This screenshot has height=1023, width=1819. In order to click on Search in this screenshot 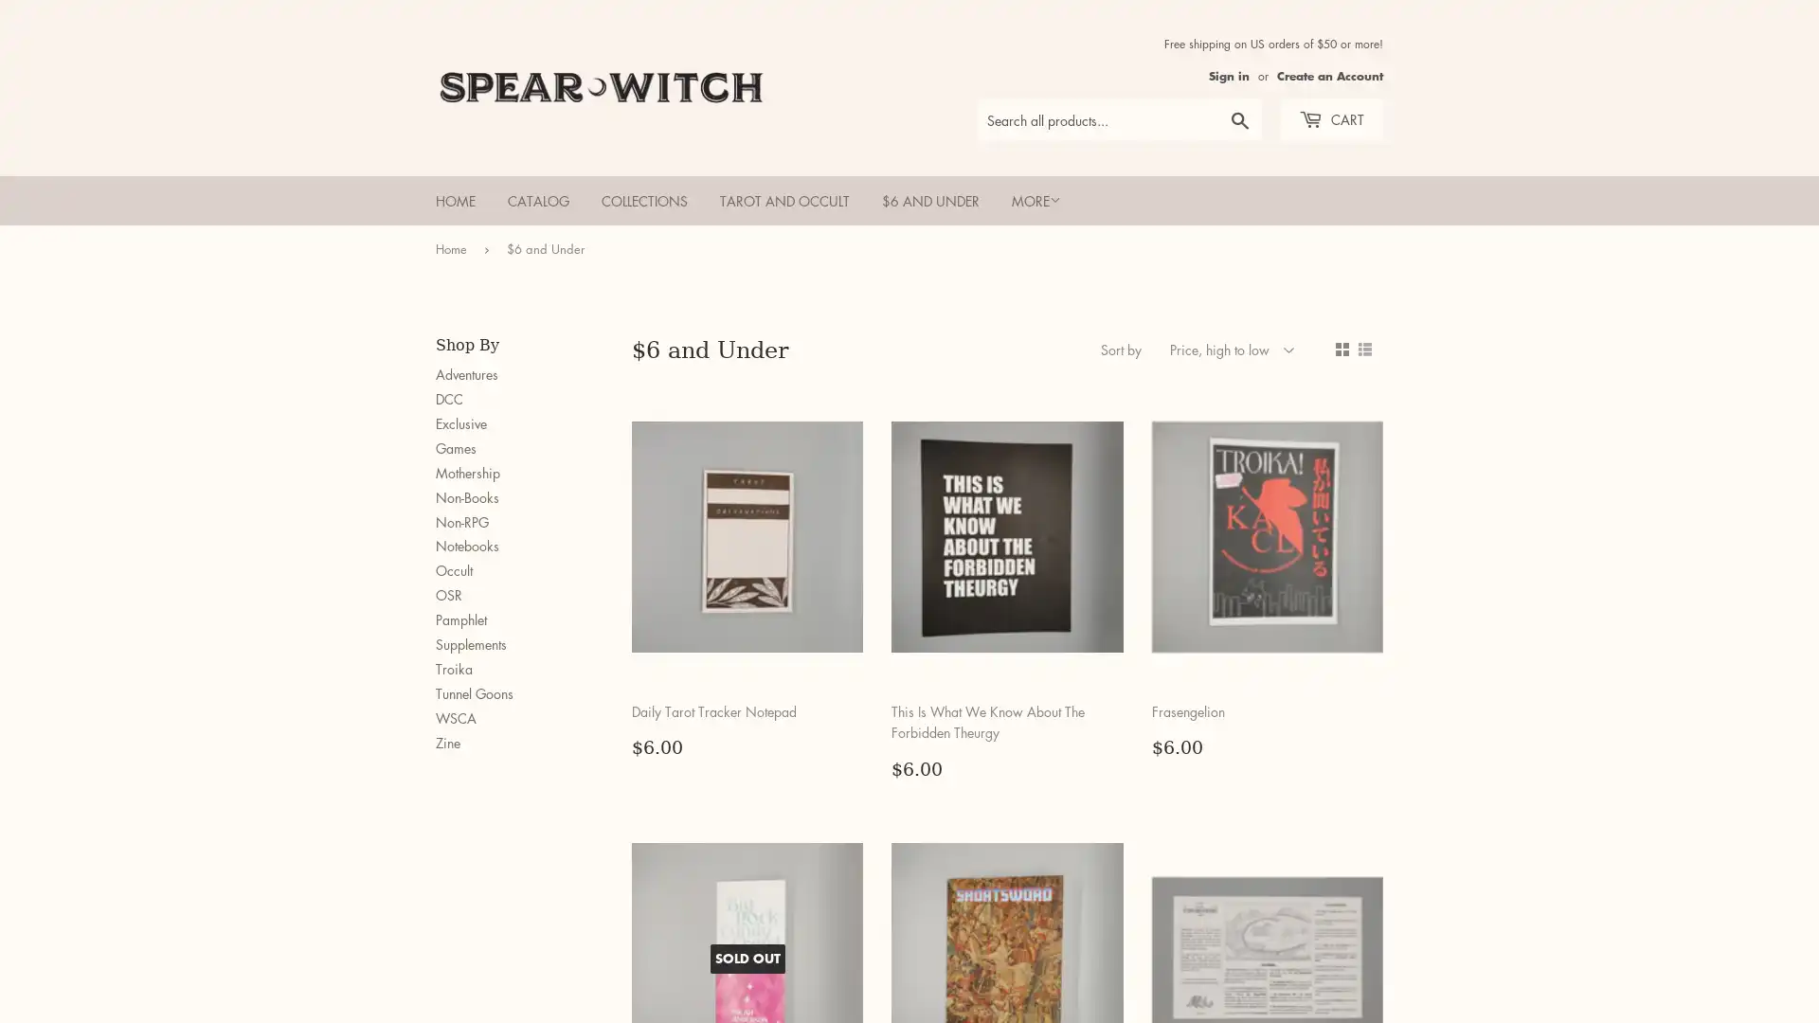, I will do `click(1240, 120)`.